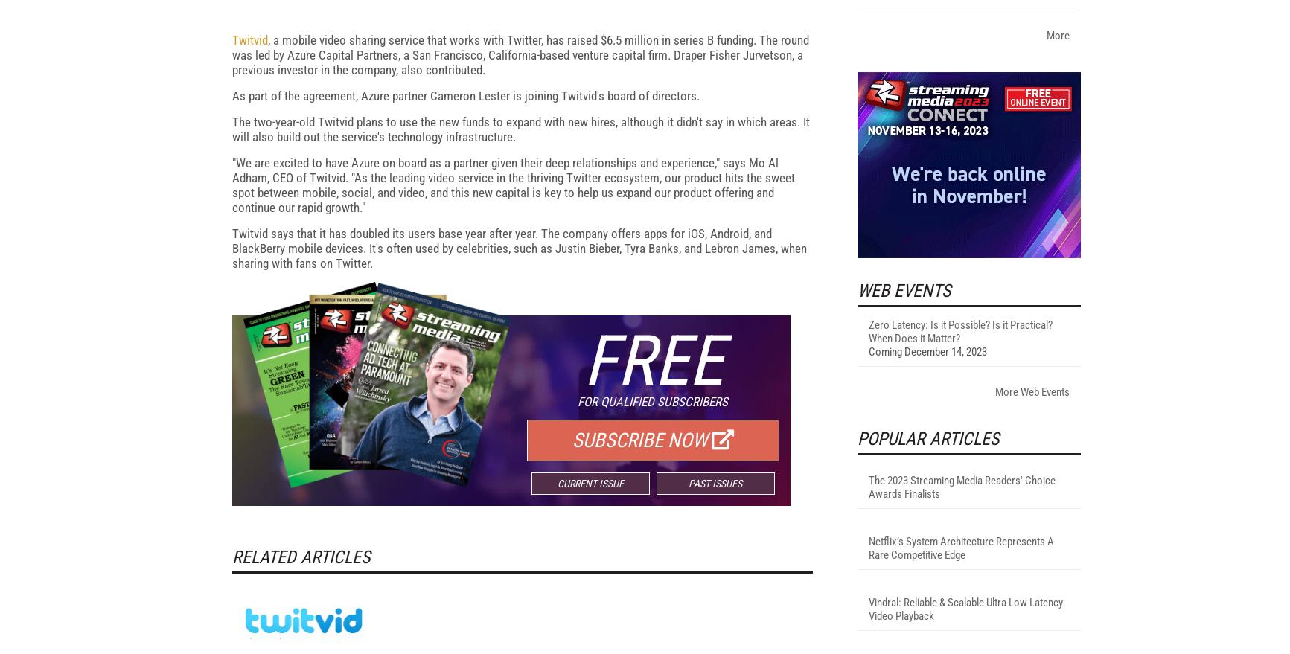  What do you see at coordinates (994, 586) in the screenshot?
I see `'More Web Events'` at bounding box center [994, 586].